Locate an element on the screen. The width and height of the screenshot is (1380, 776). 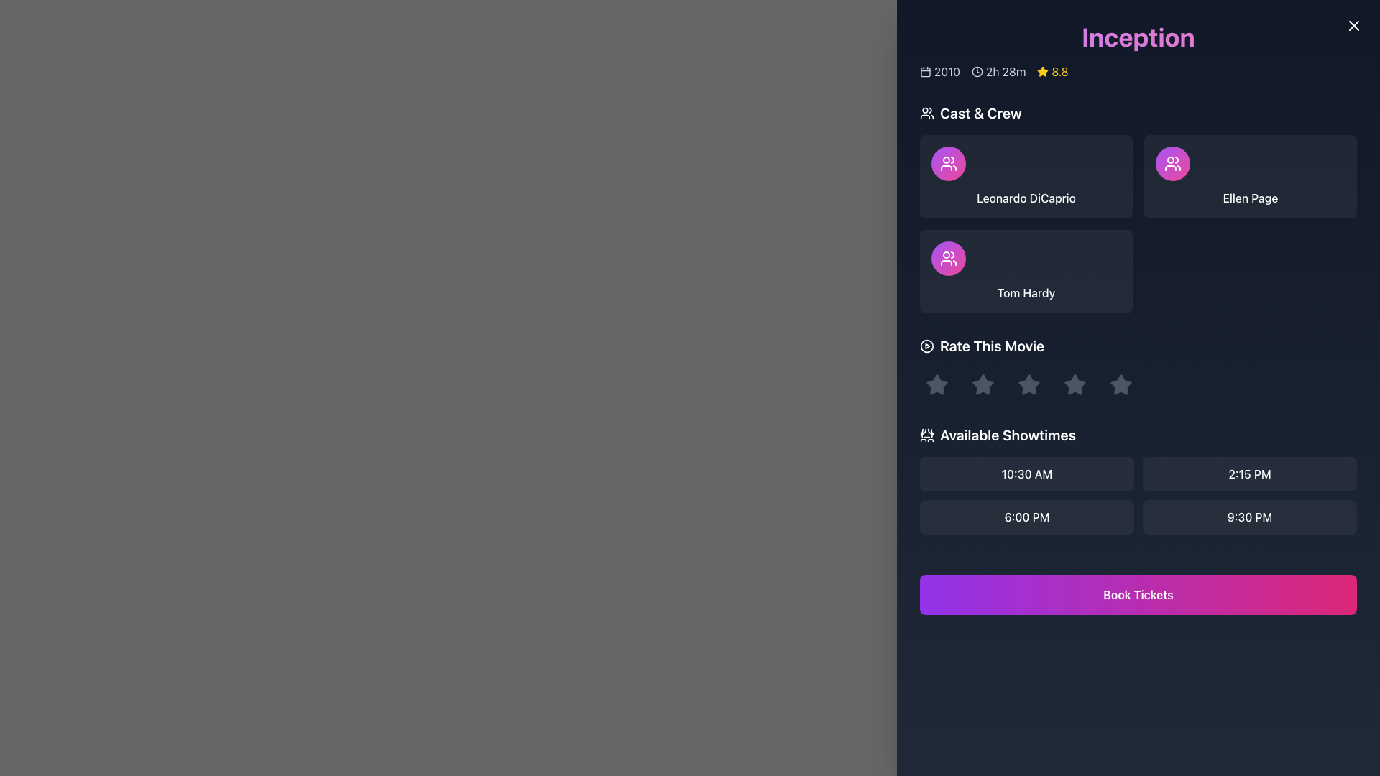
the play icon located to the left of the 'Rate This Movie' text is located at coordinates (927, 346).